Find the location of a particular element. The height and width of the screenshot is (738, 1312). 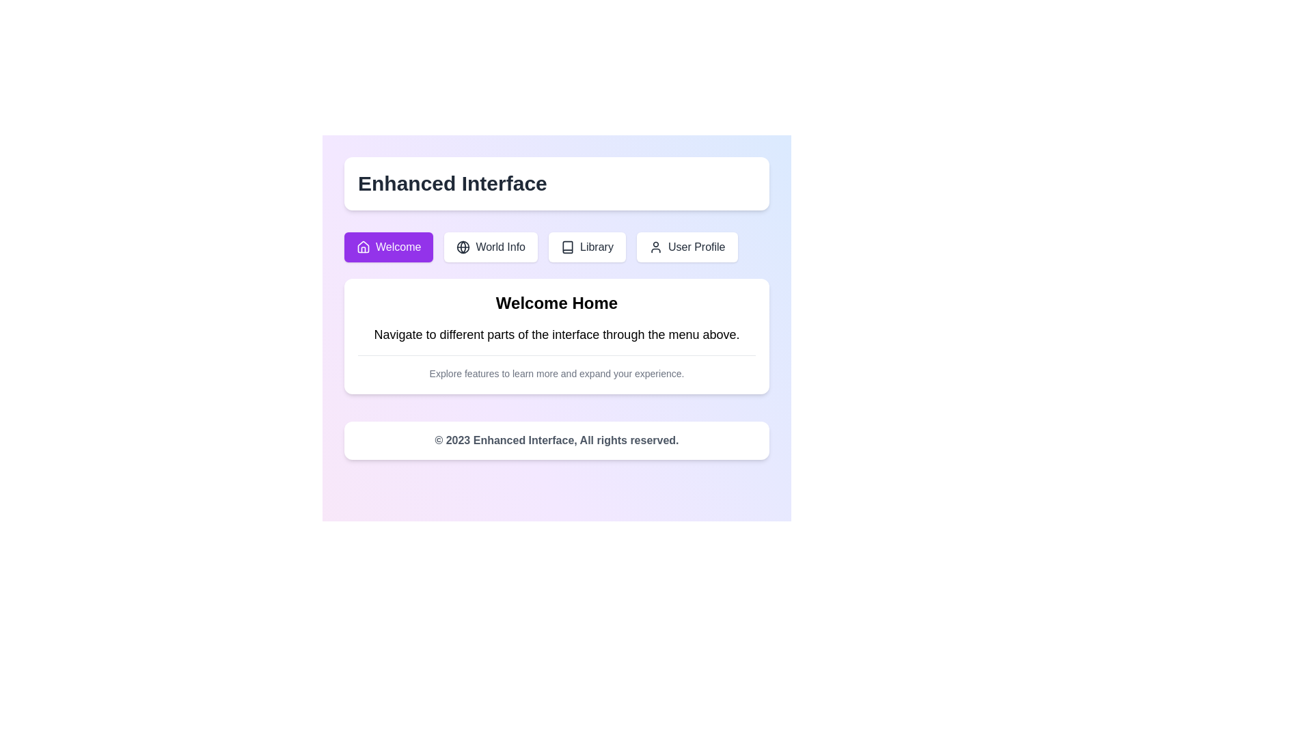

the navigational button that accesses the 'World Info' section, located at the top center of the interface, between the 'Welcome' button and the 'Library' button is located at coordinates (491, 247).